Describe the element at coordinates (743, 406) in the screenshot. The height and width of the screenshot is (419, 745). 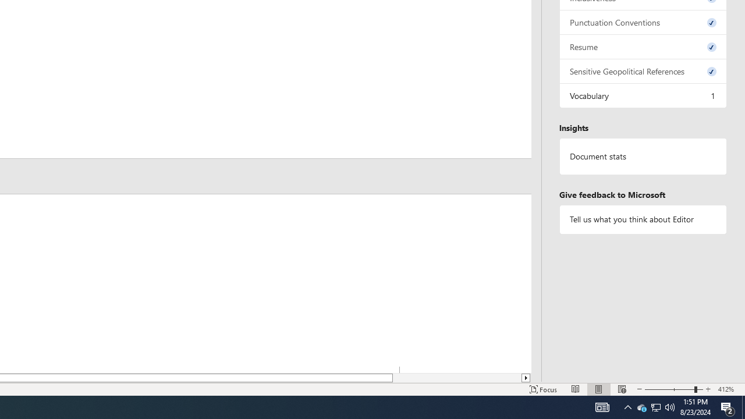
I see `'Show desktop'` at that location.